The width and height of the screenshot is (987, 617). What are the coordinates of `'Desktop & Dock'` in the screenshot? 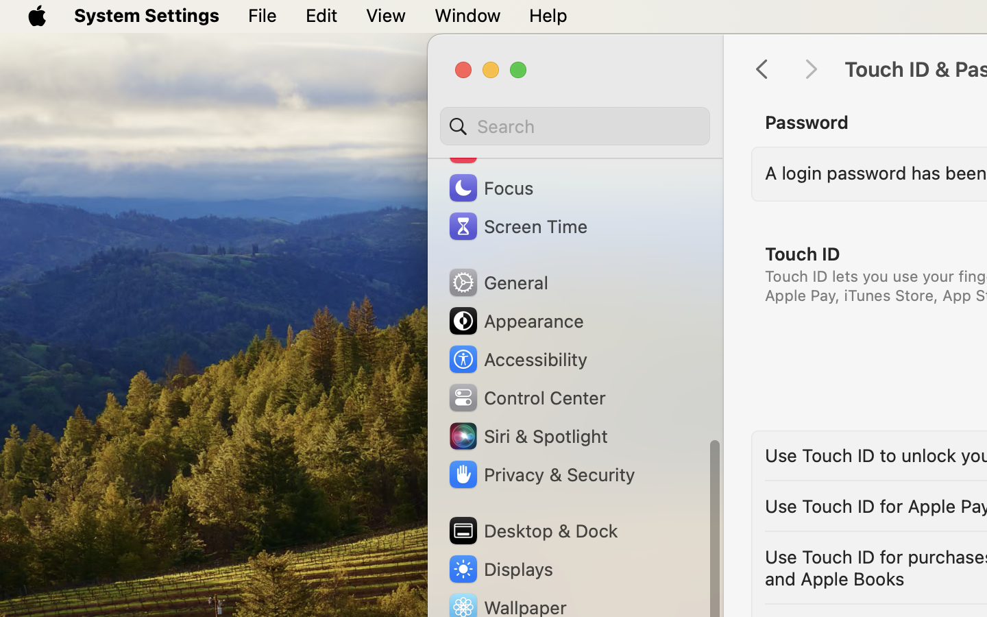 It's located at (532, 530).